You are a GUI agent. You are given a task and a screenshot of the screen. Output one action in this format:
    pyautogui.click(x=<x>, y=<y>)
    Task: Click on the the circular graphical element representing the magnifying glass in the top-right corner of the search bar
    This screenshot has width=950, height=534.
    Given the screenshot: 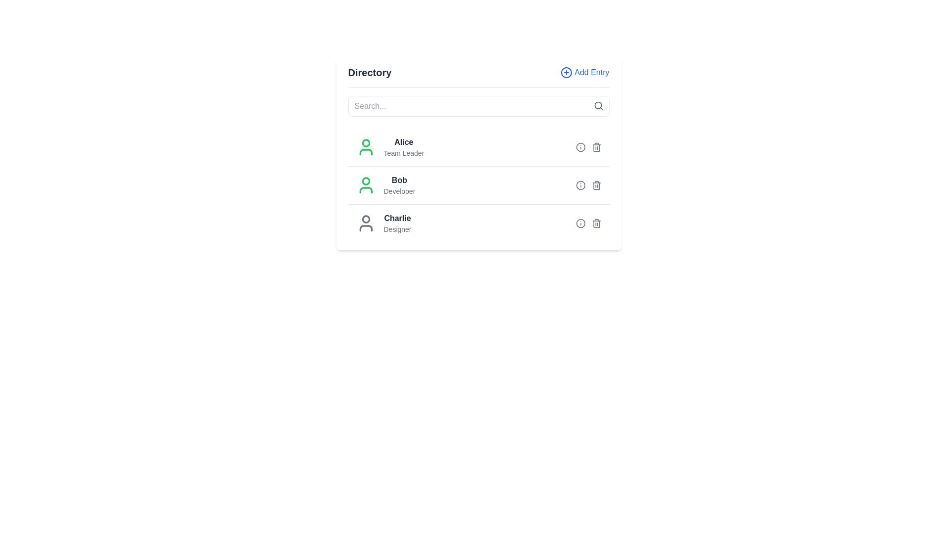 What is the action you would take?
    pyautogui.click(x=597, y=105)
    